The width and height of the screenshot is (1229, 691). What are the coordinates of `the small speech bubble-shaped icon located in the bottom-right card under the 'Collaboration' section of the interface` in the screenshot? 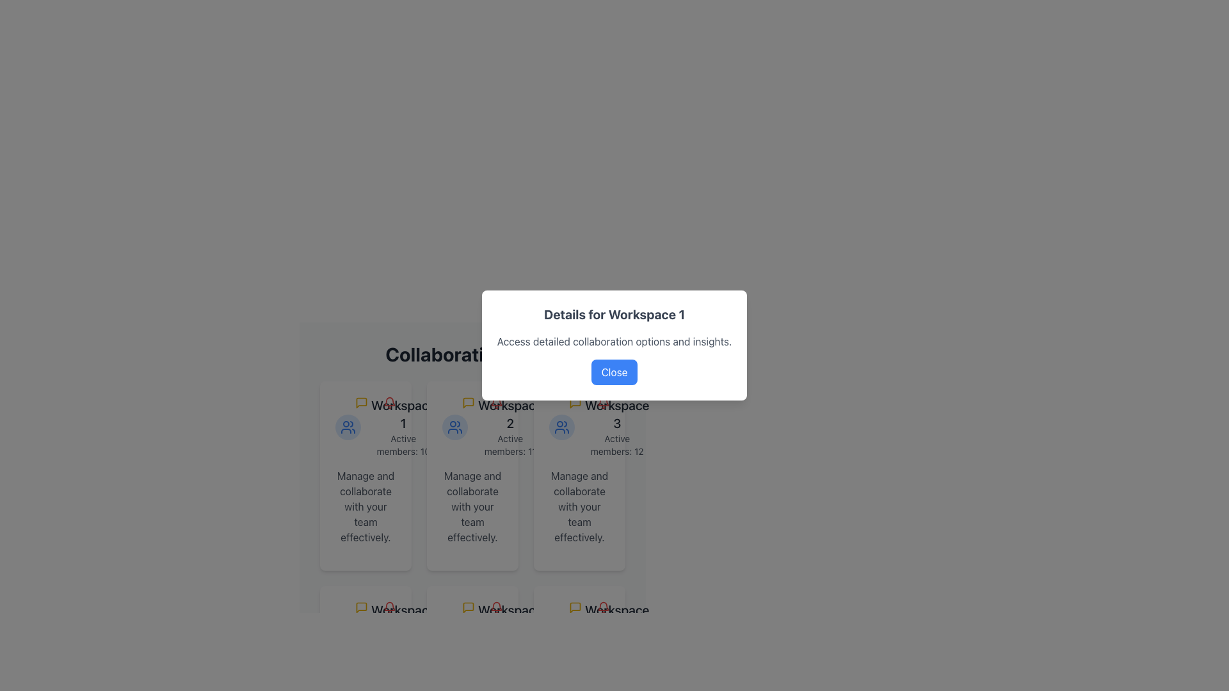 It's located at (574, 607).